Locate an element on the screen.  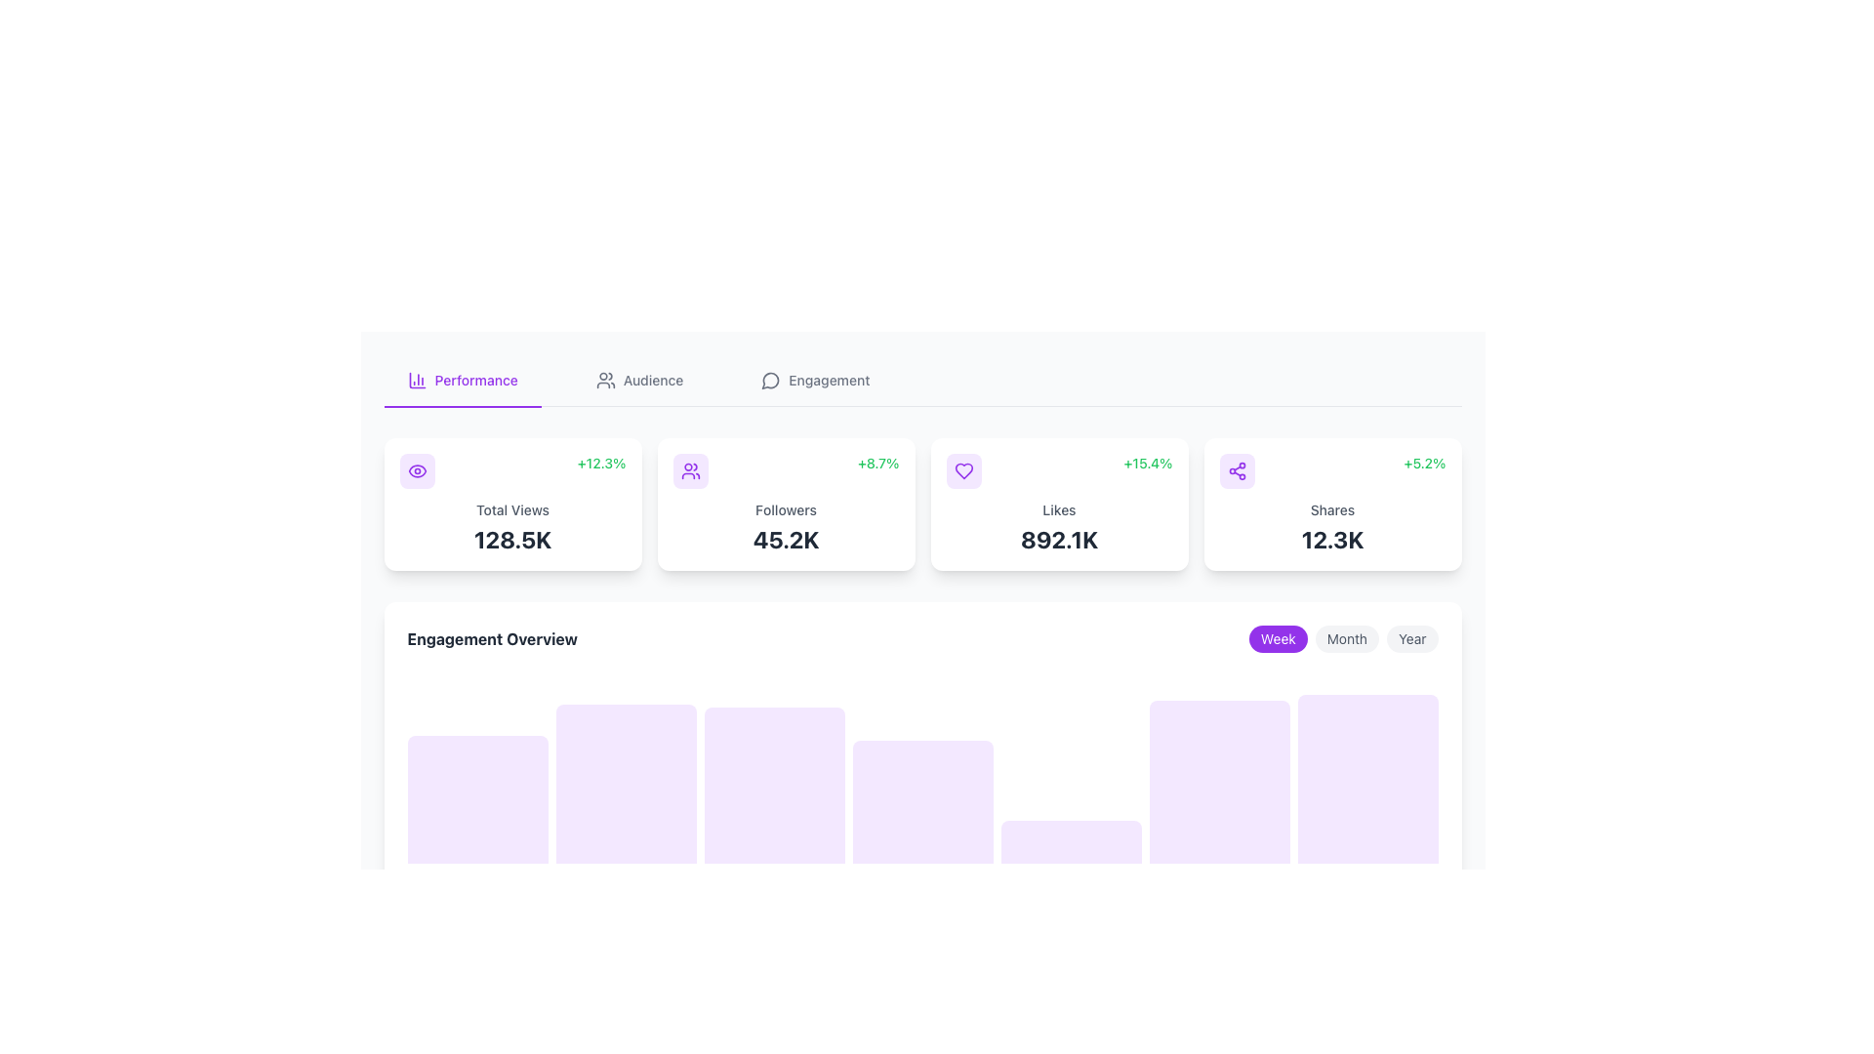
displayed information from the Card representation of a data metric, which shows the statistic '12.3K' for 'Shares' in the upper-right corner of the grid under the 'Performance' tab is located at coordinates (1331, 503).